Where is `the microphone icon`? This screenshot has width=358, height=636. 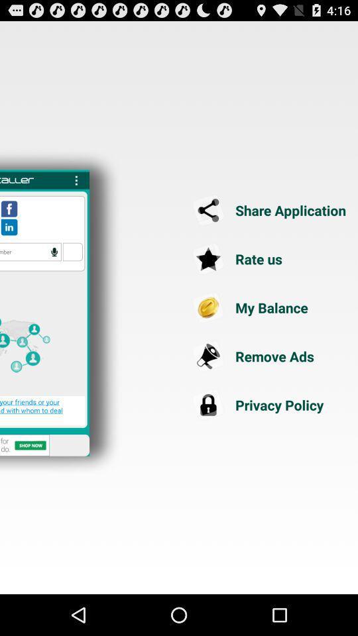
the microphone icon is located at coordinates (54, 268).